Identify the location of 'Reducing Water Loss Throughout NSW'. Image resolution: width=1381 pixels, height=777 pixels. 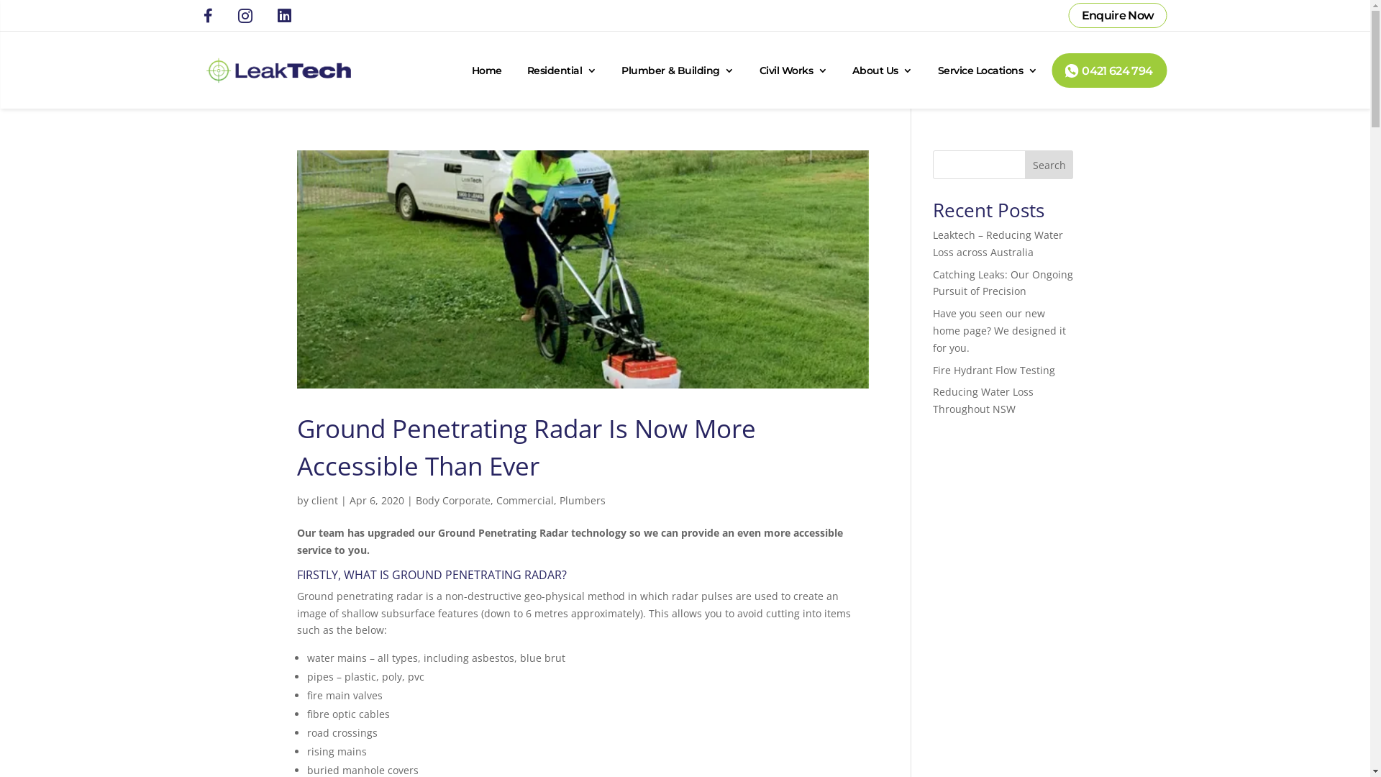
(983, 400).